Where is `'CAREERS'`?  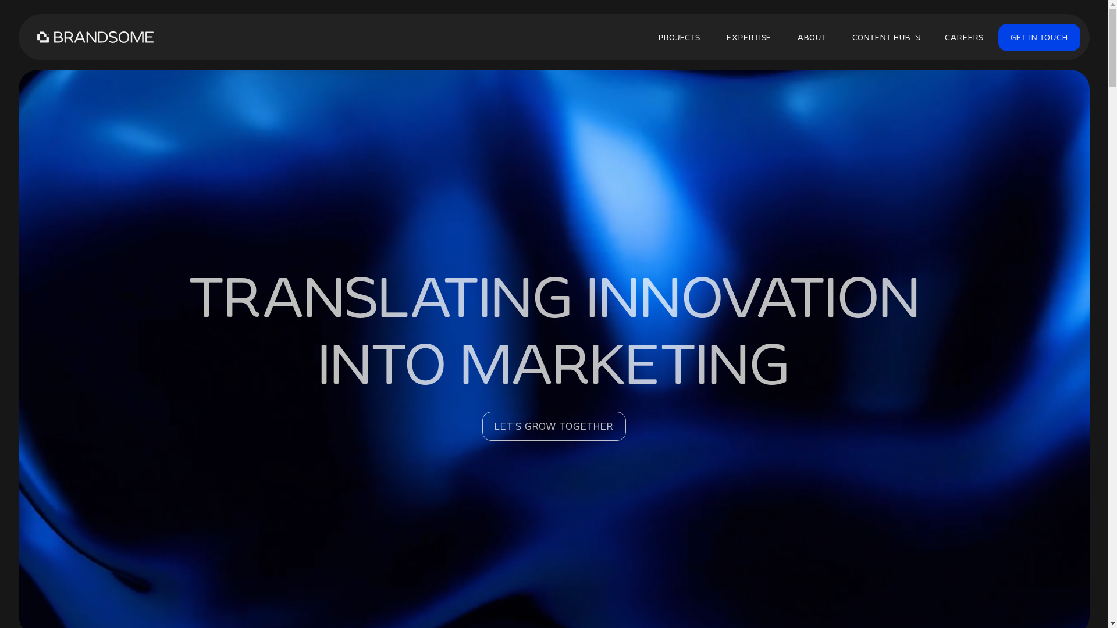 'CAREERS' is located at coordinates (964, 37).